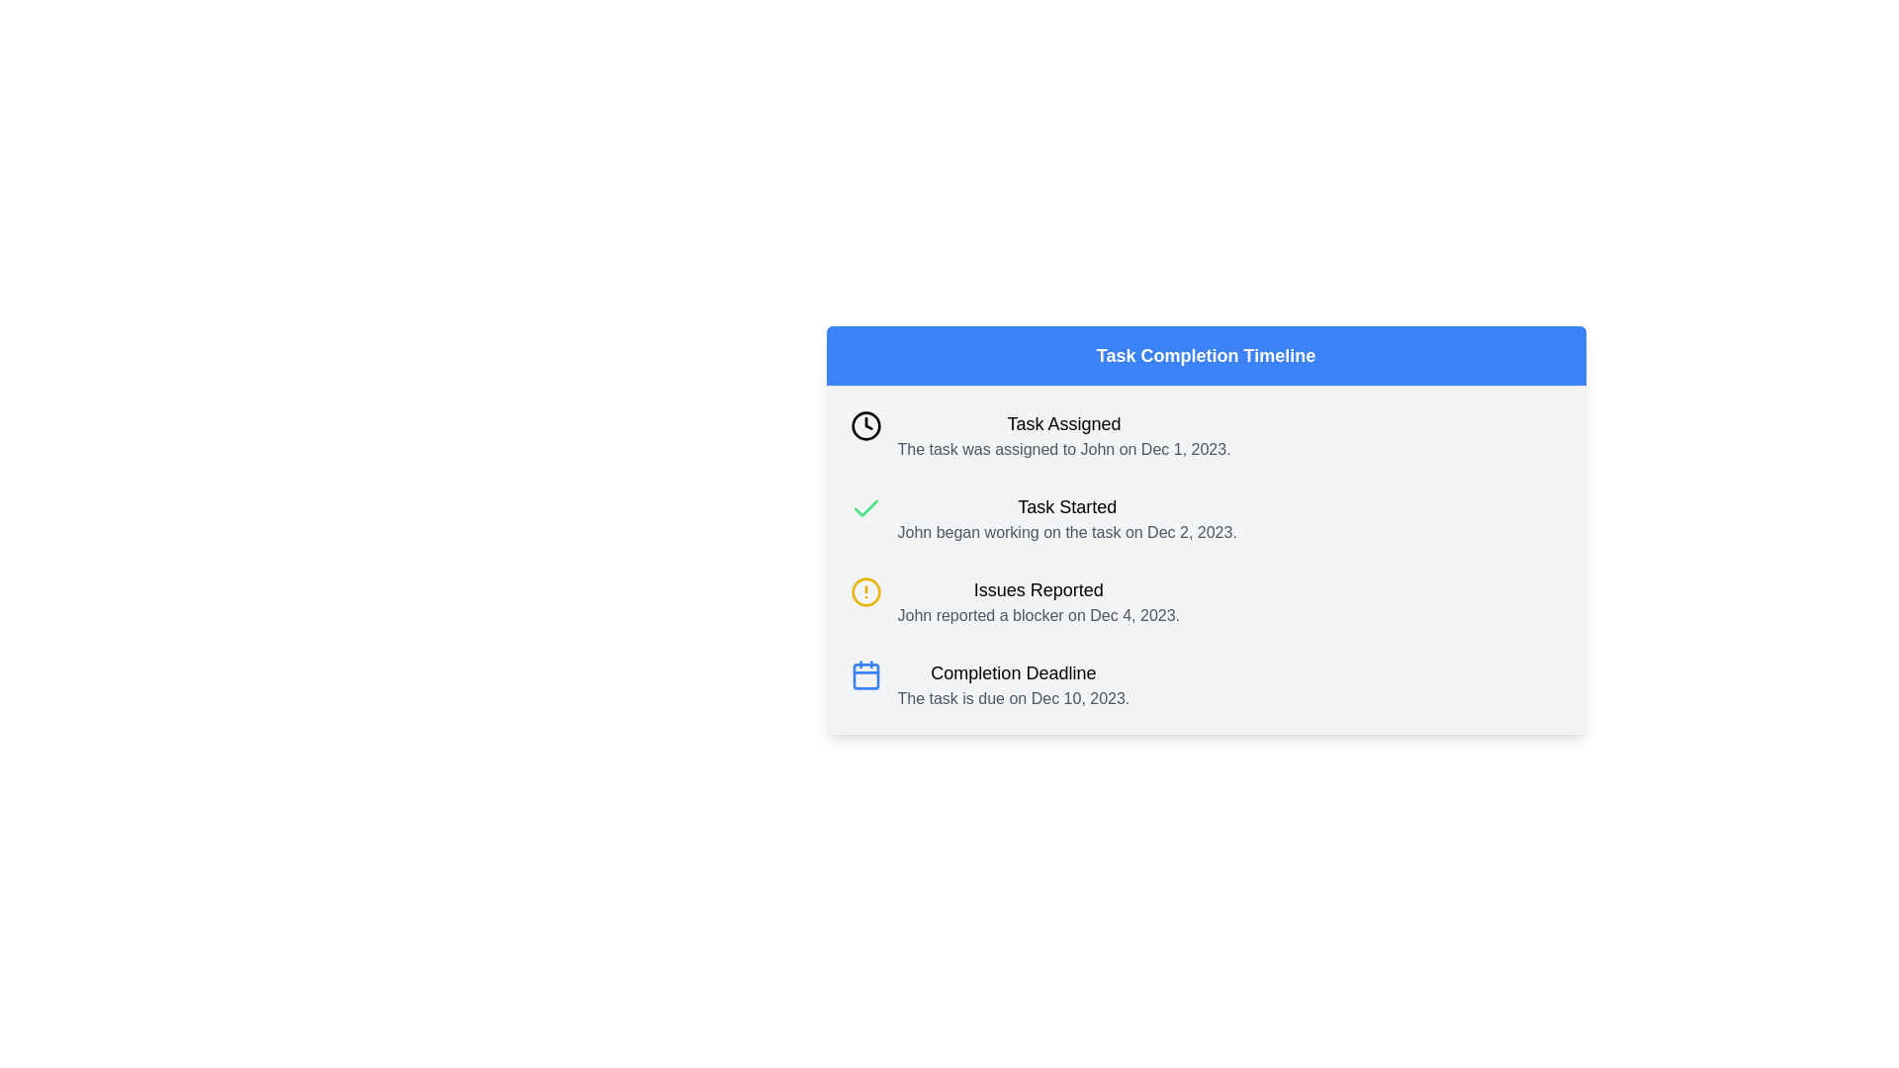 The height and width of the screenshot is (1068, 1899). What do you see at coordinates (1205, 354) in the screenshot?
I see `the text element displaying 'Task Completion Timeline', which is a bold, white text on a blue background located at the top of the section` at bounding box center [1205, 354].